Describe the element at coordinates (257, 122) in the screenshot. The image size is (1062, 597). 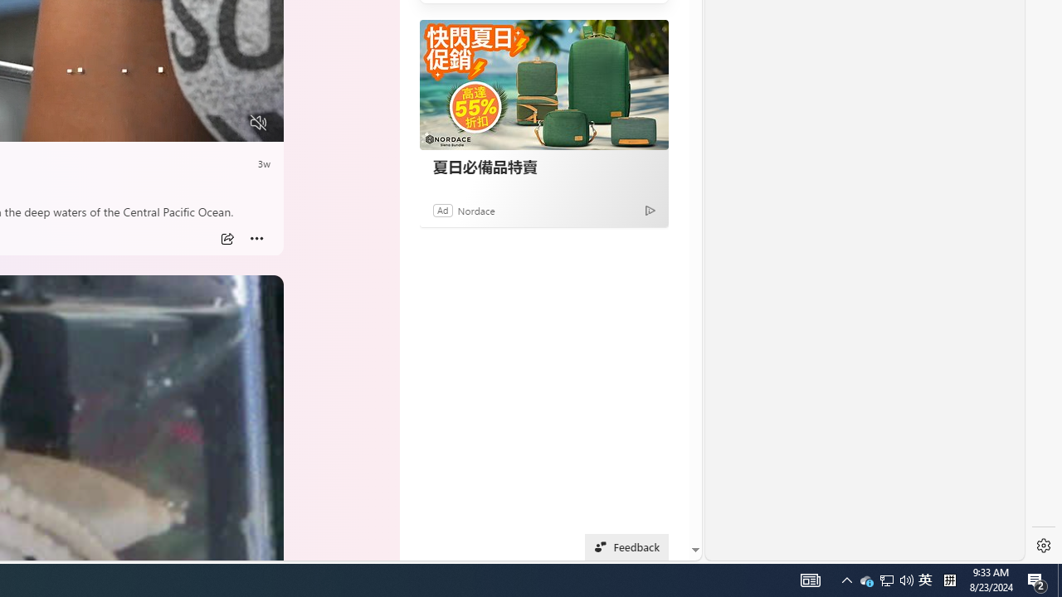
I see `'Unmute'` at that location.